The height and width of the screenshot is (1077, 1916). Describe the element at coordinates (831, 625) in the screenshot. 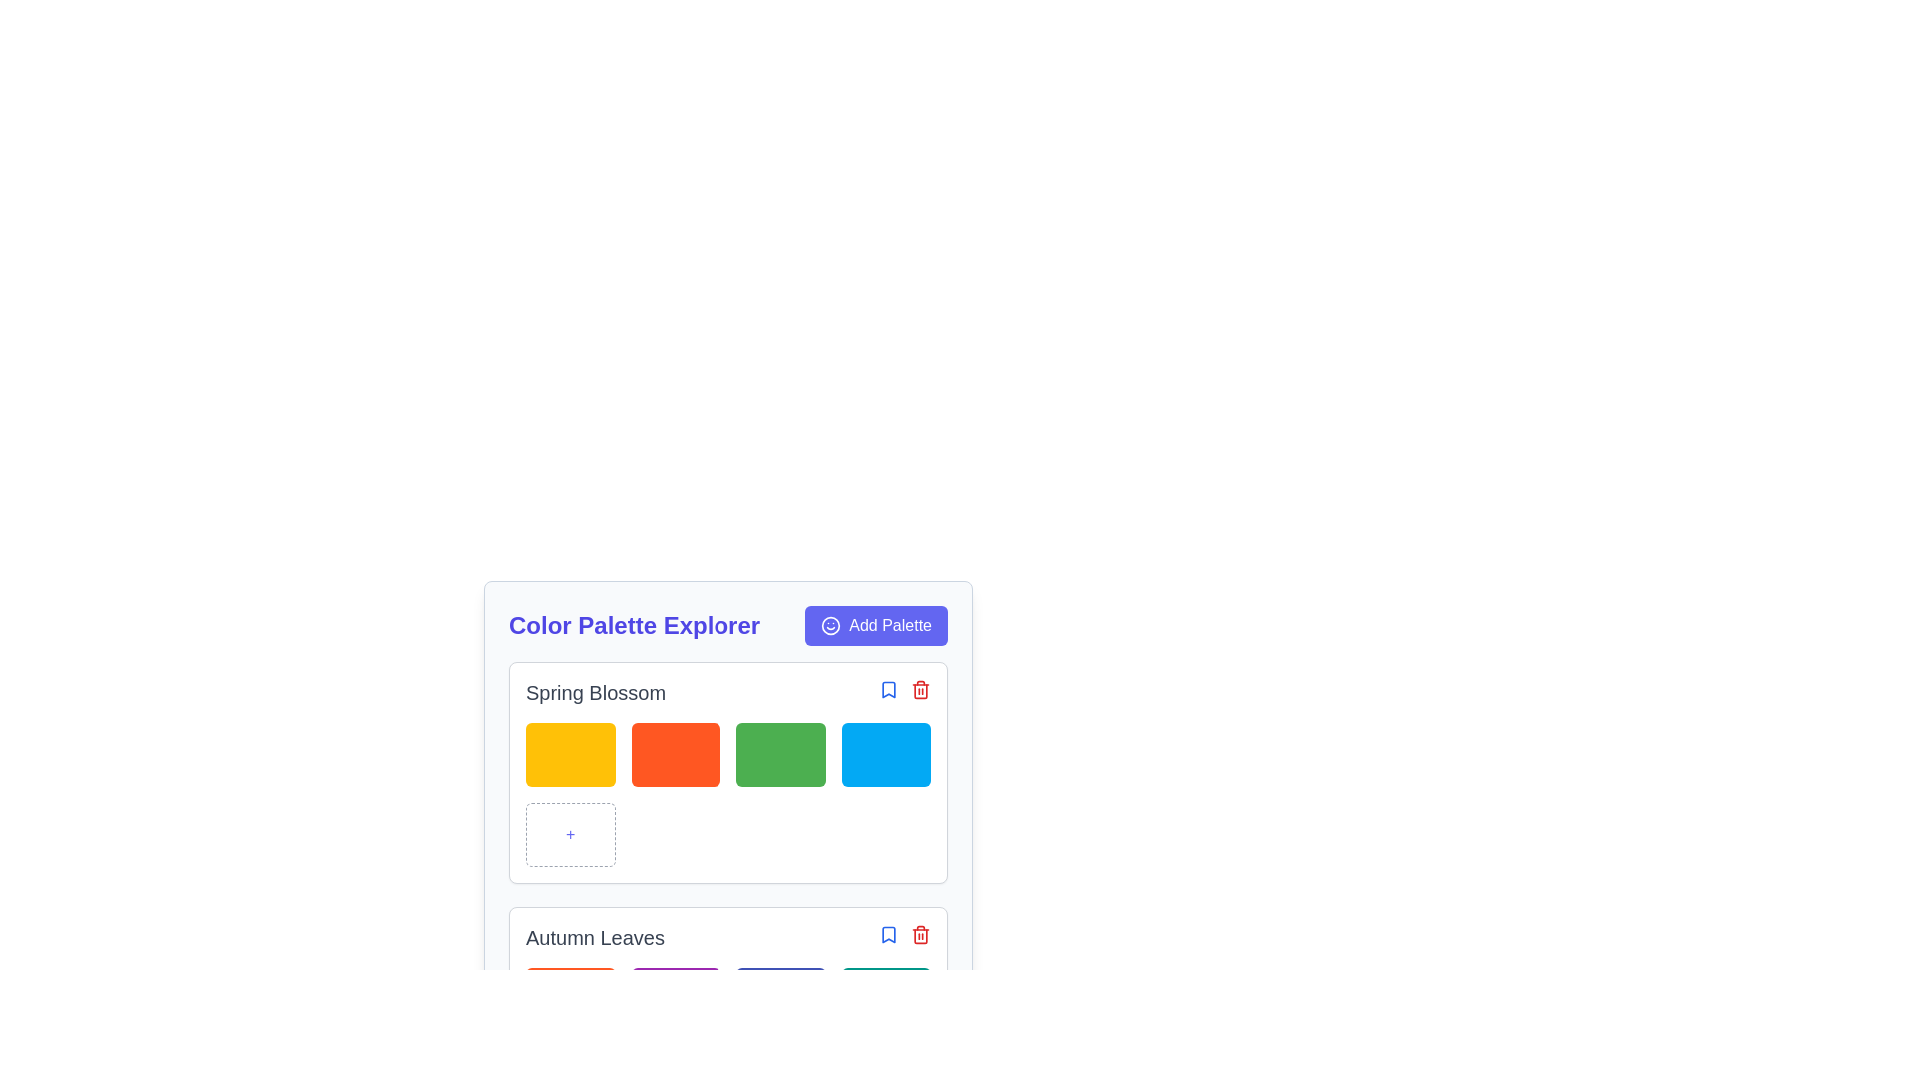

I see `the circular smiley face icon with a purple fill that is part of the 'Add Palette' button, located to the left of the text` at that location.